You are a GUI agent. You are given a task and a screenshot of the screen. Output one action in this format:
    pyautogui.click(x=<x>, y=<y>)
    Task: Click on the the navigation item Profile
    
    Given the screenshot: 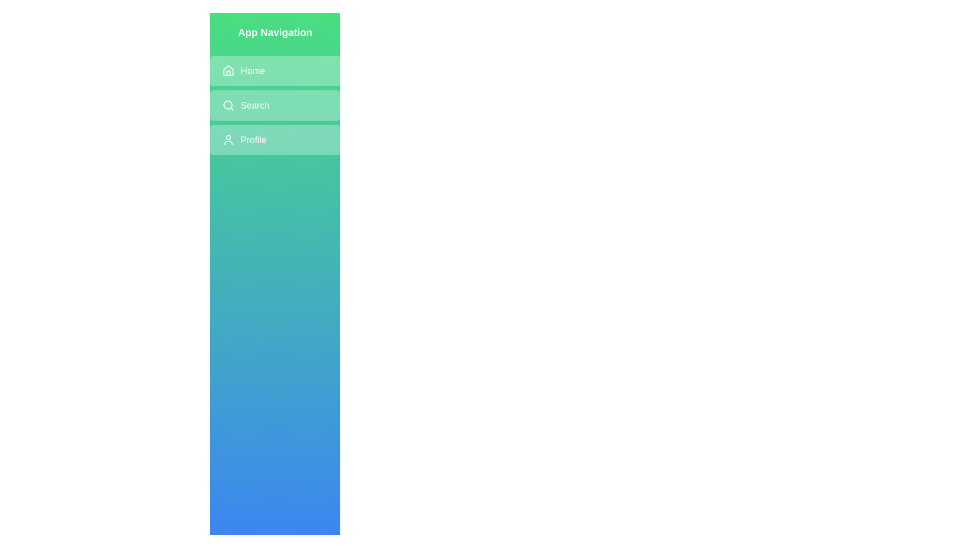 What is the action you would take?
    pyautogui.click(x=275, y=140)
    